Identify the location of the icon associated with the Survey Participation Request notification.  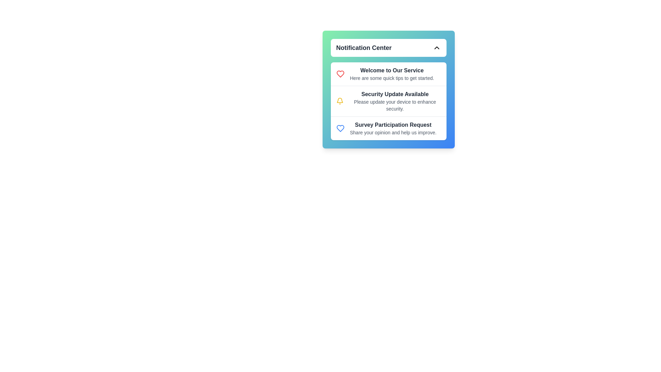
(340, 128).